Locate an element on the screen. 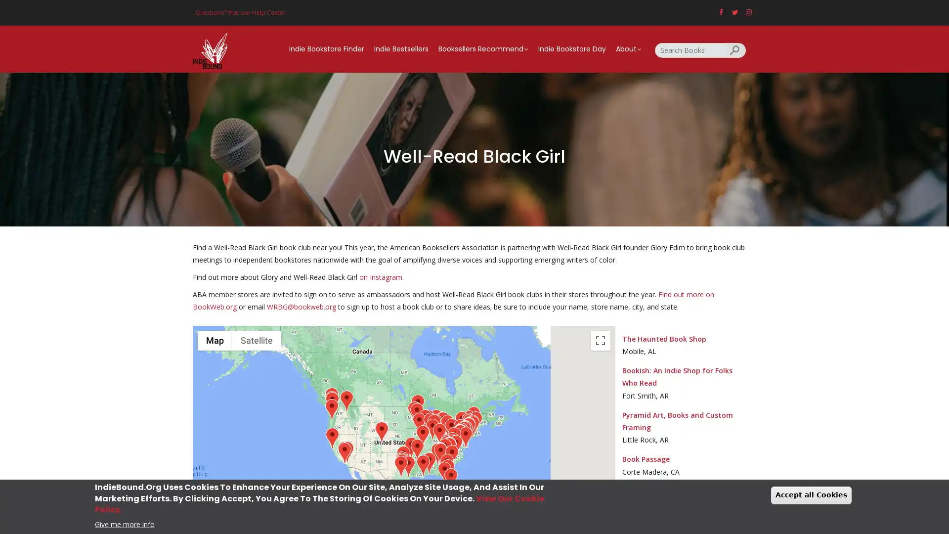 This screenshot has width=949, height=534. BookPeople (TX) is located at coordinates (401, 464).